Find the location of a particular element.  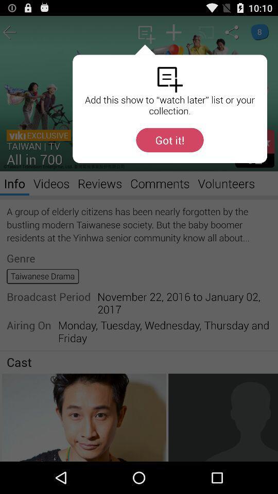

item below add this show icon is located at coordinates (169, 139).